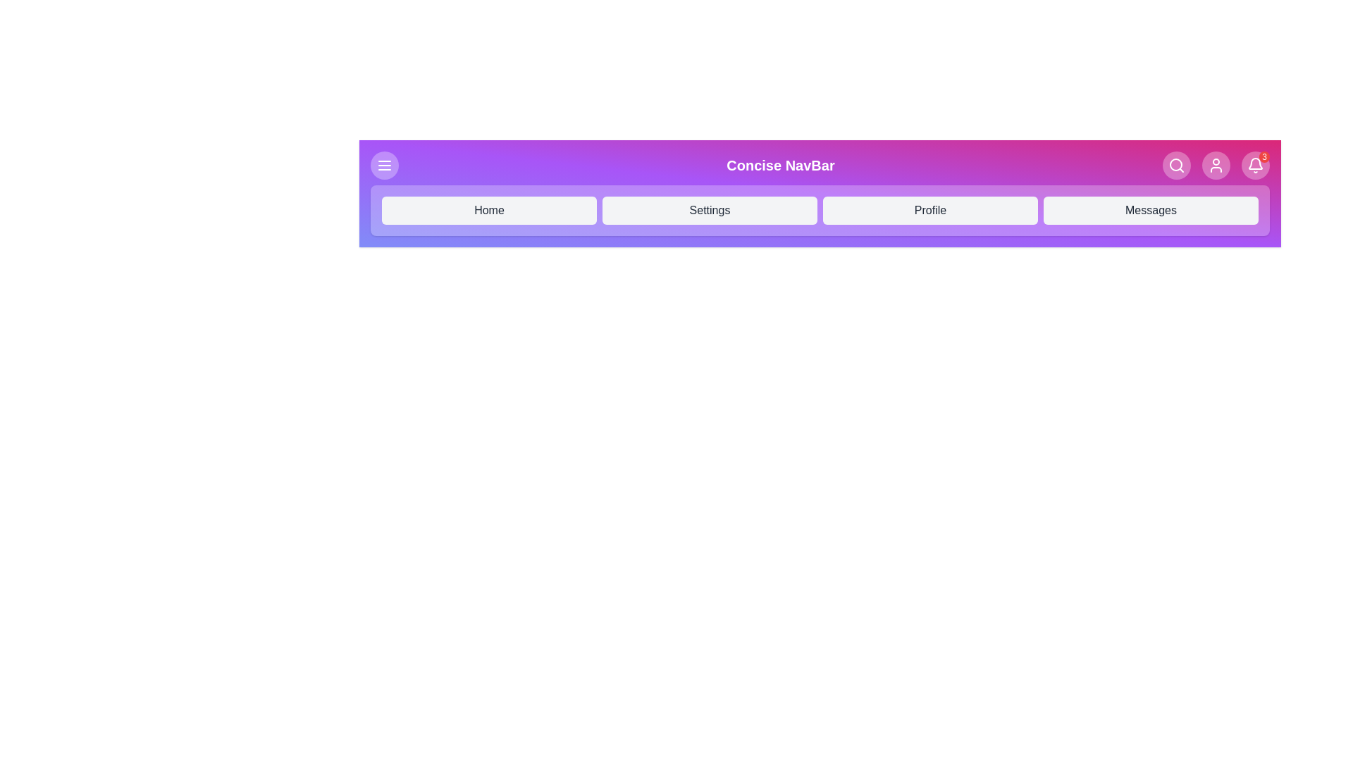 The width and height of the screenshot is (1353, 761). Describe the element at coordinates (710, 211) in the screenshot. I see `the navigation menu item Settings` at that location.